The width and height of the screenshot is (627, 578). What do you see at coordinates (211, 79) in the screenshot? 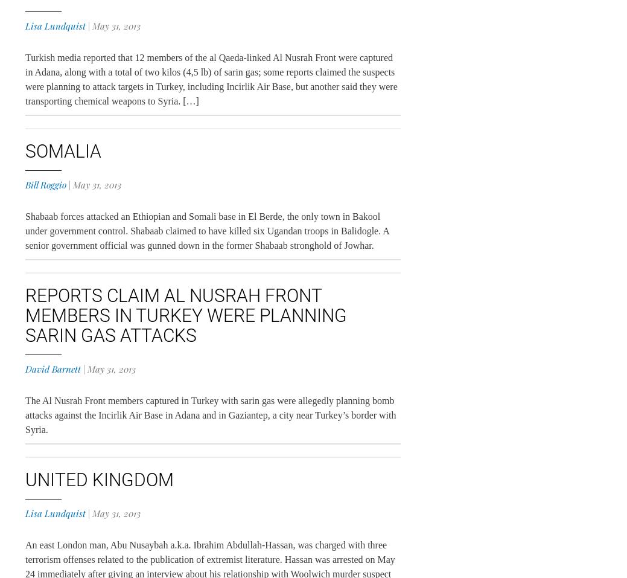
I see `'Turkish media reported that 12 members of the al Qaeda-linked Al Nusrah Front were captured in Adana, along with a total of two kilos (4,5 lb) of sarin gas; some reports claimed the suspects were planning to attack targets in Turkey, including Incirlik Air Base, but another said they were transporting chemical weapons to Syria. […]'` at bounding box center [211, 79].